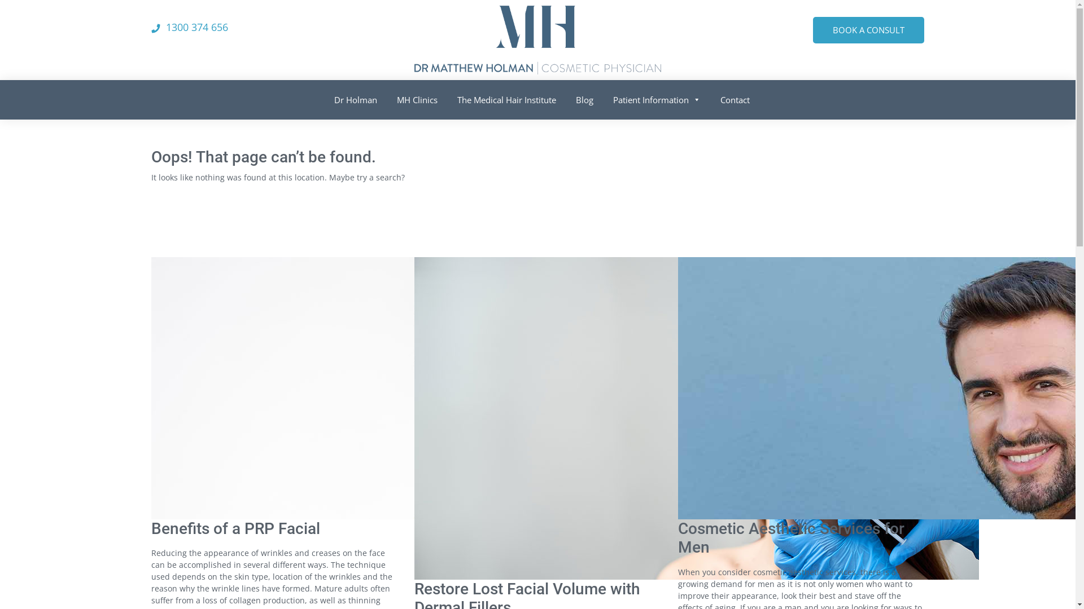 The width and height of the screenshot is (1084, 609). I want to click on 'Patient Information', so click(653, 96).